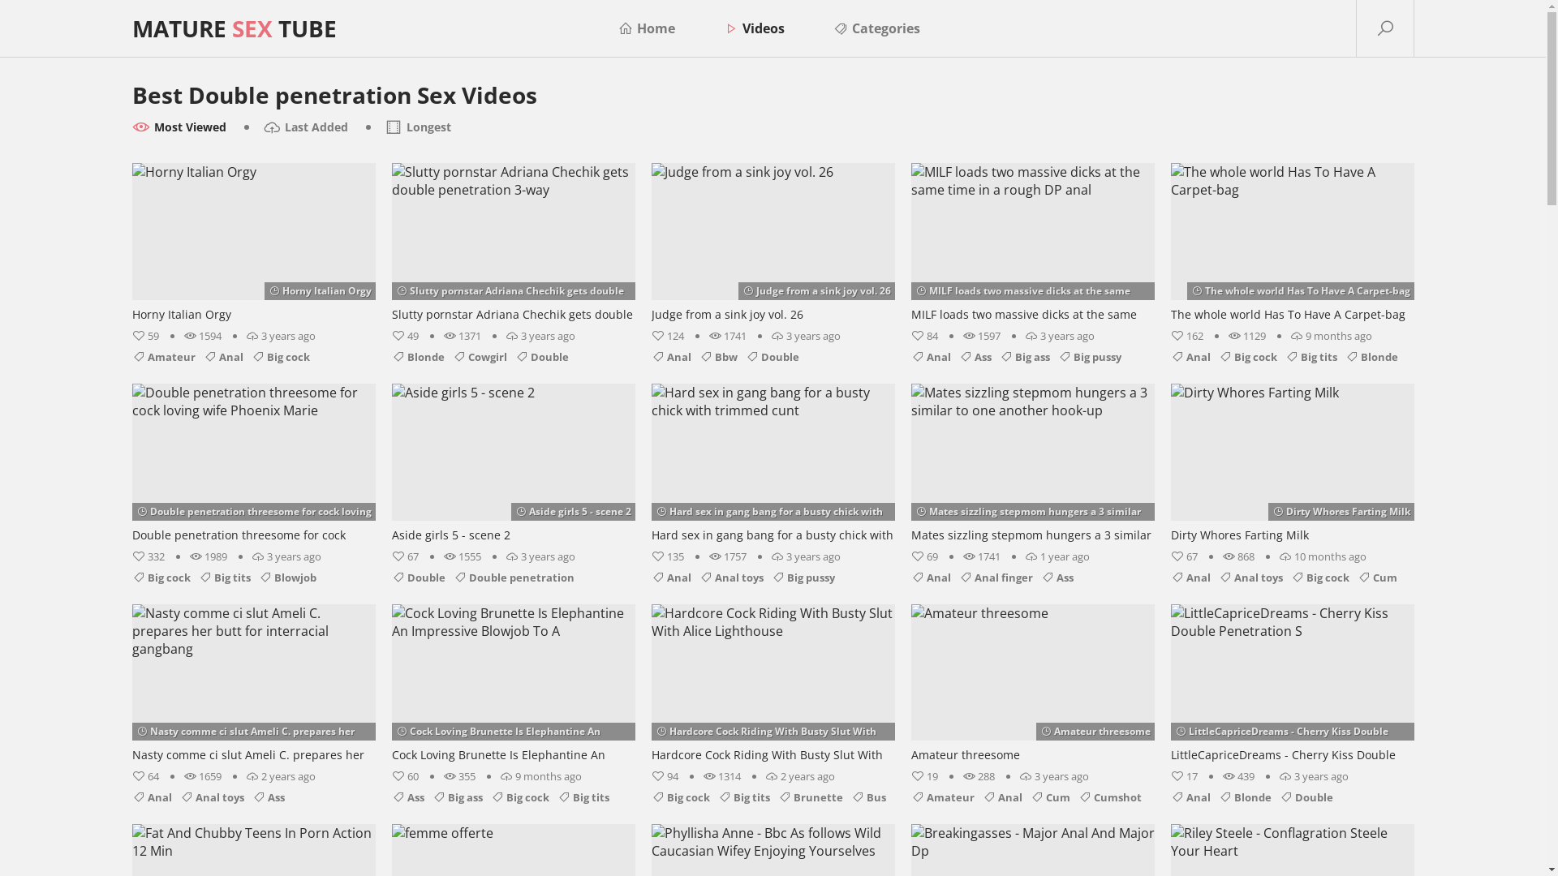 This screenshot has height=876, width=1558. I want to click on 'Categories', so click(875, 28).